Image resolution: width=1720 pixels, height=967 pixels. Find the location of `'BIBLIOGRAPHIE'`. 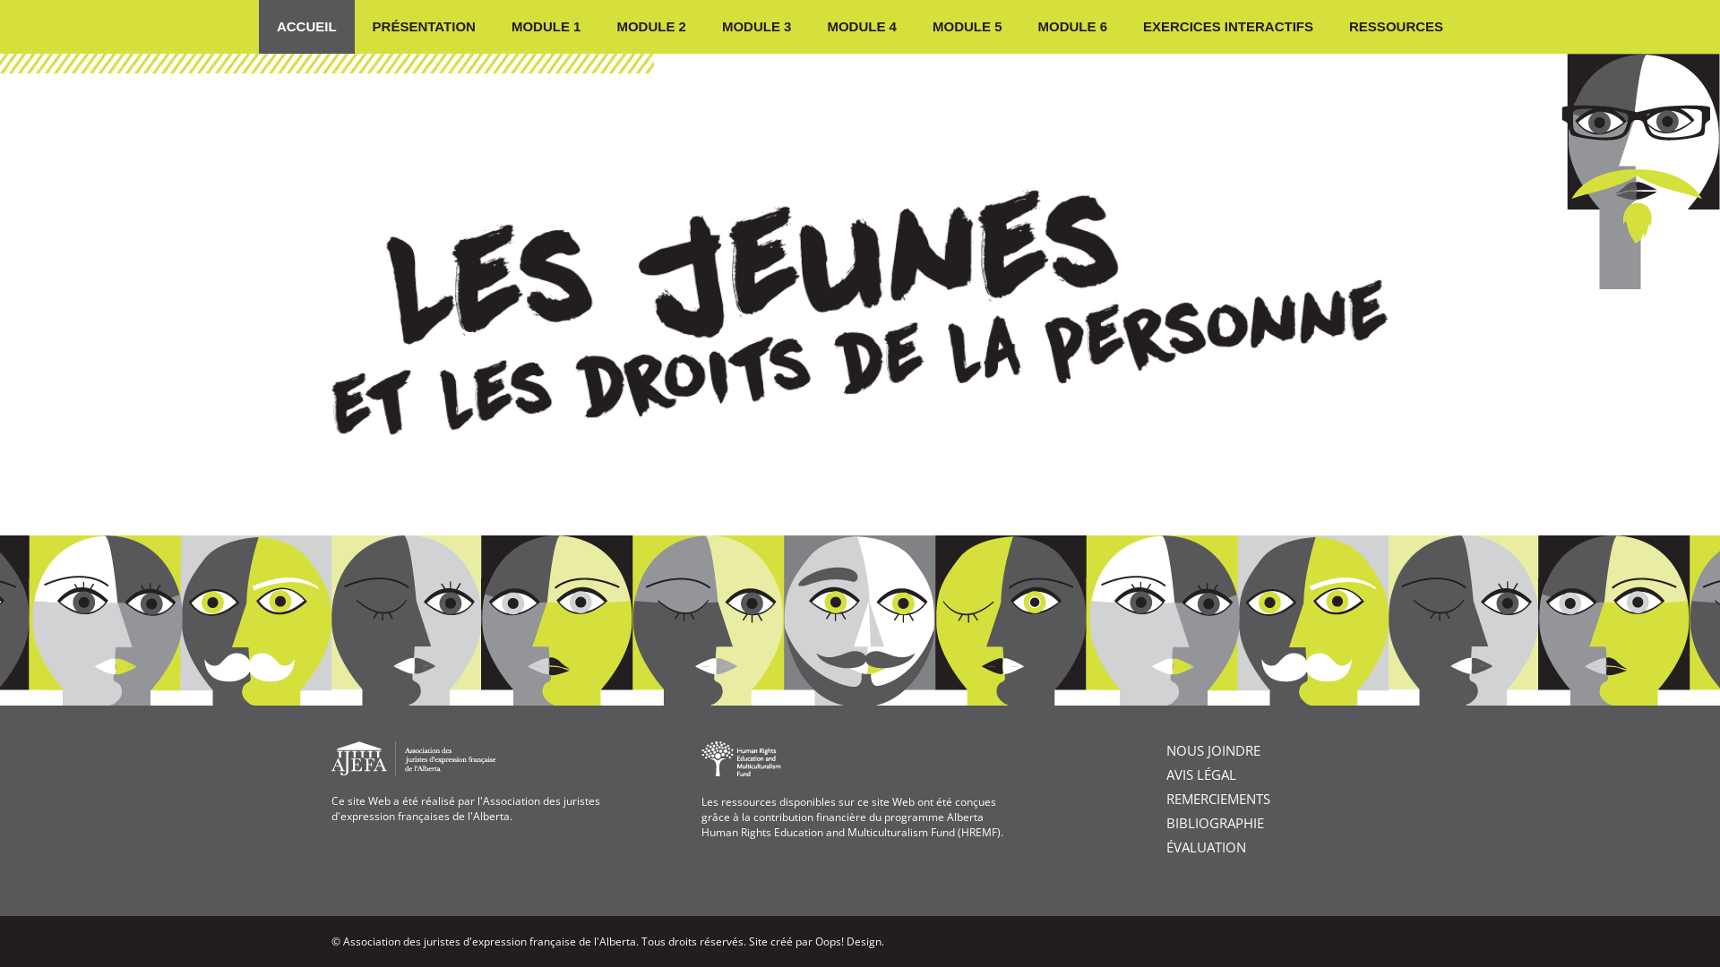

'BIBLIOGRAPHIE' is located at coordinates (1165, 822).